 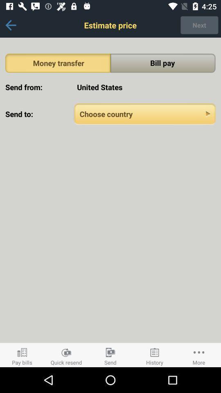 What do you see at coordinates (144, 87) in the screenshot?
I see `the item above the send to:` at bounding box center [144, 87].